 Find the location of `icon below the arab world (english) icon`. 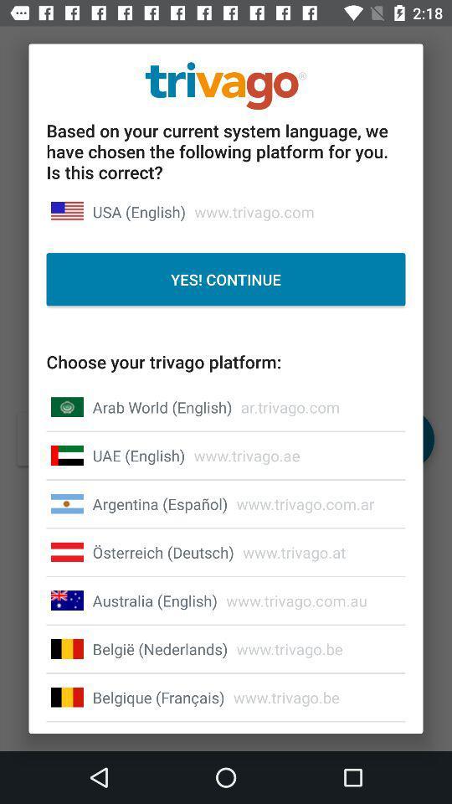

icon below the arab world (english) icon is located at coordinates (137, 456).